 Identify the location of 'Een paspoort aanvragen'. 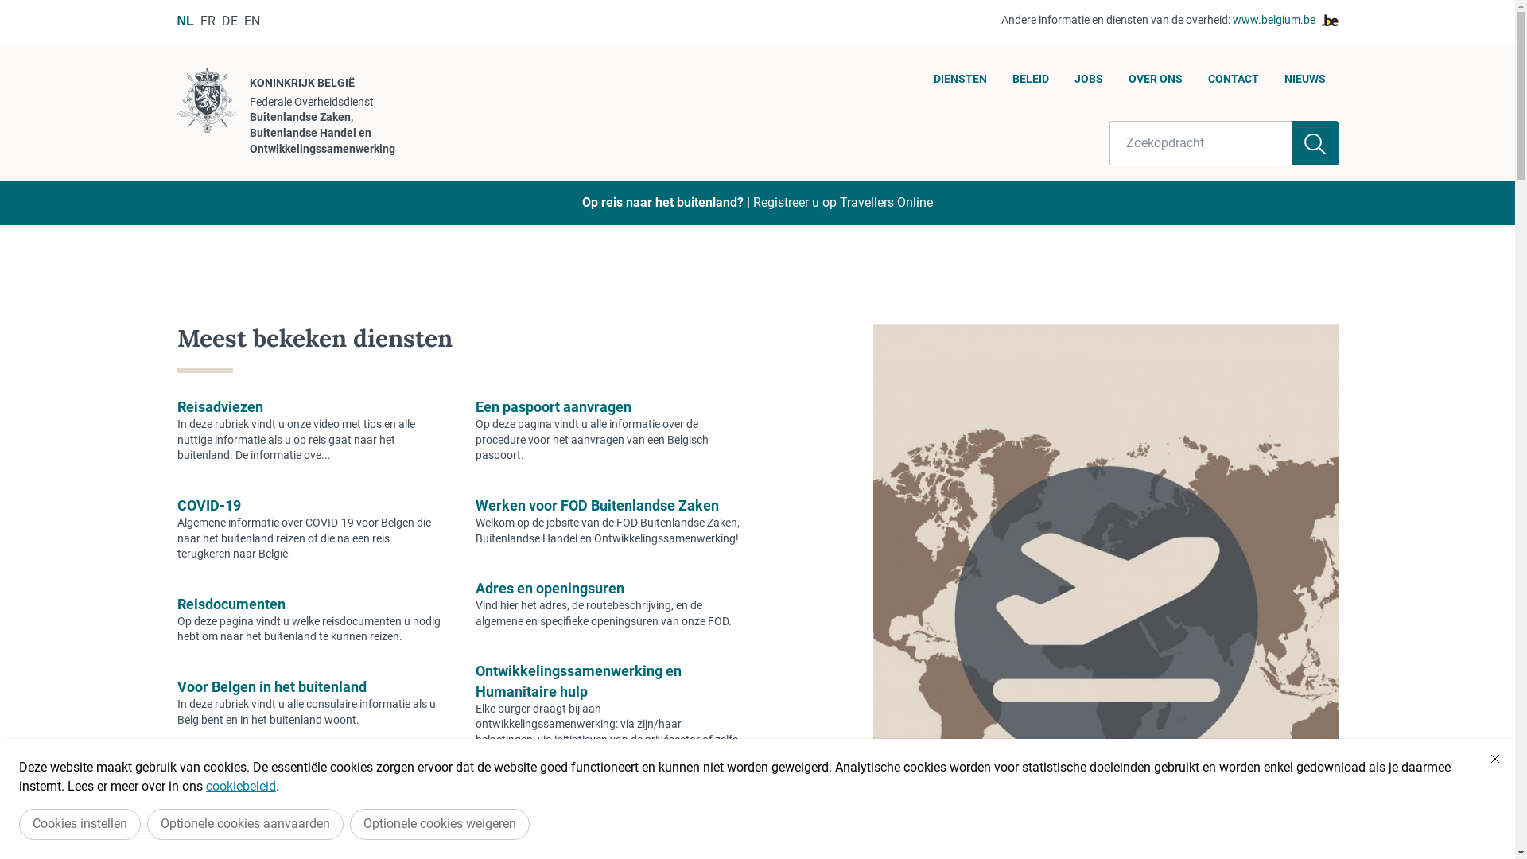
(554, 406).